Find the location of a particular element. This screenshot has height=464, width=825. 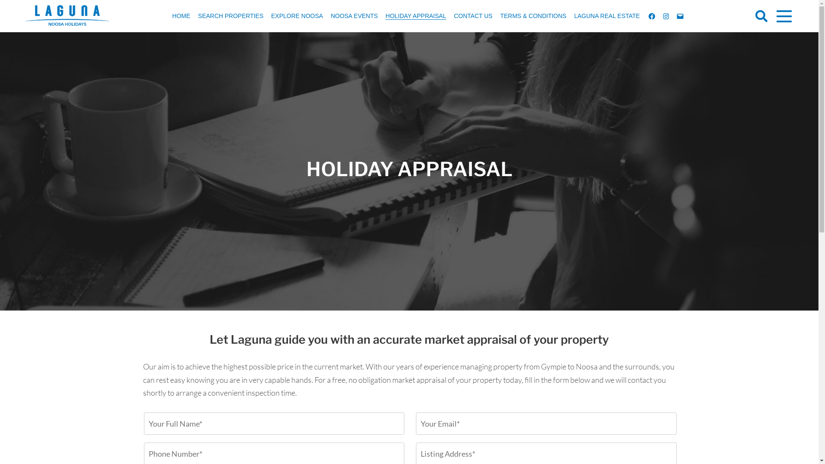

'EMAIL' is located at coordinates (676, 16).